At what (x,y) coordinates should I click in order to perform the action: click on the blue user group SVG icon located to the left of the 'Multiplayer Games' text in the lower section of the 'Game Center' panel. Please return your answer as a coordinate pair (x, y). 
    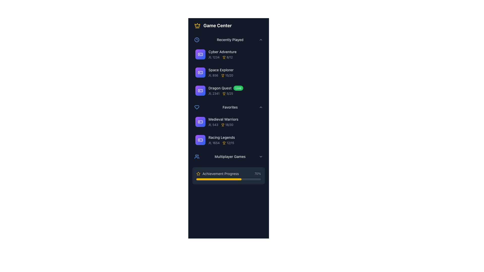
    Looking at the image, I should click on (197, 156).